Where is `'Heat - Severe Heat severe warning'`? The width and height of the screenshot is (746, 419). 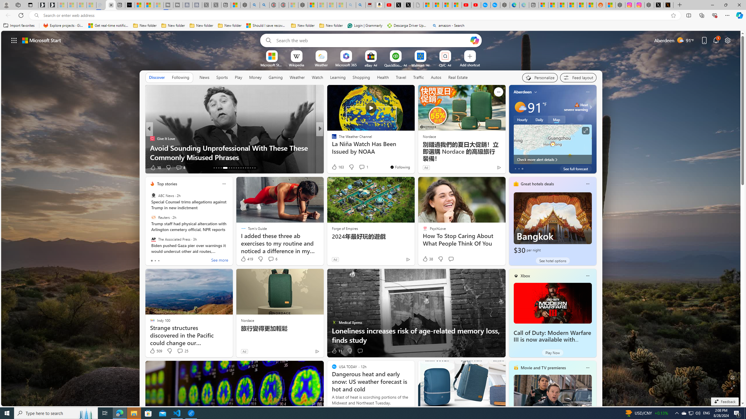 'Heat - Severe Heat severe warning' is located at coordinates (576, 107).